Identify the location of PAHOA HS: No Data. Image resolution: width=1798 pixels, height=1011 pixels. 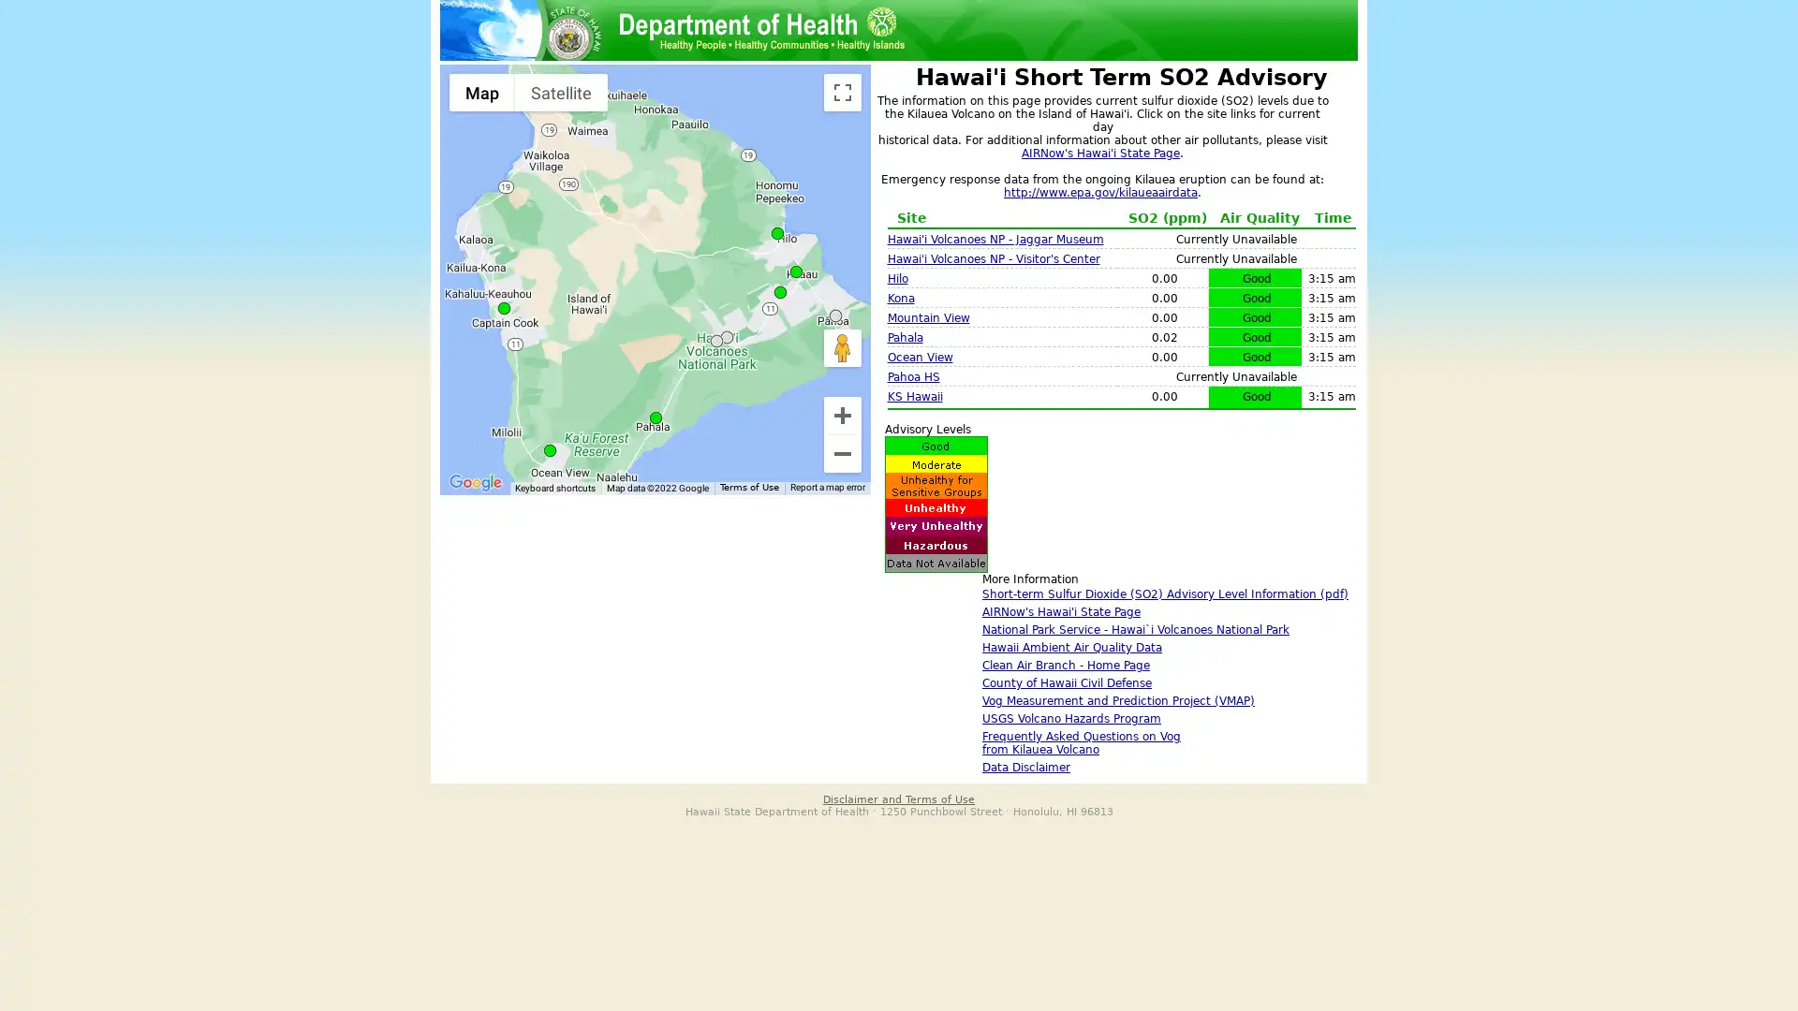
(834, 315).